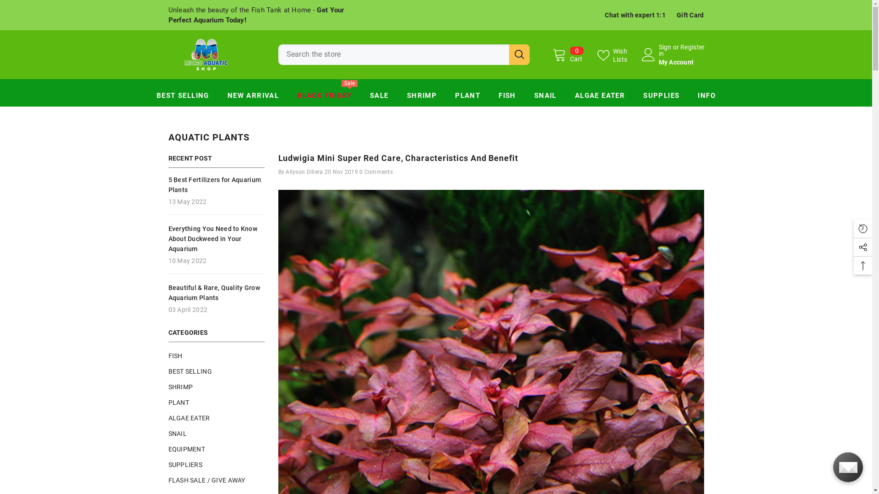 Image resolution: width=879 pixels, height=494 pixels. I want to click on 'Register', so click(680, 50).